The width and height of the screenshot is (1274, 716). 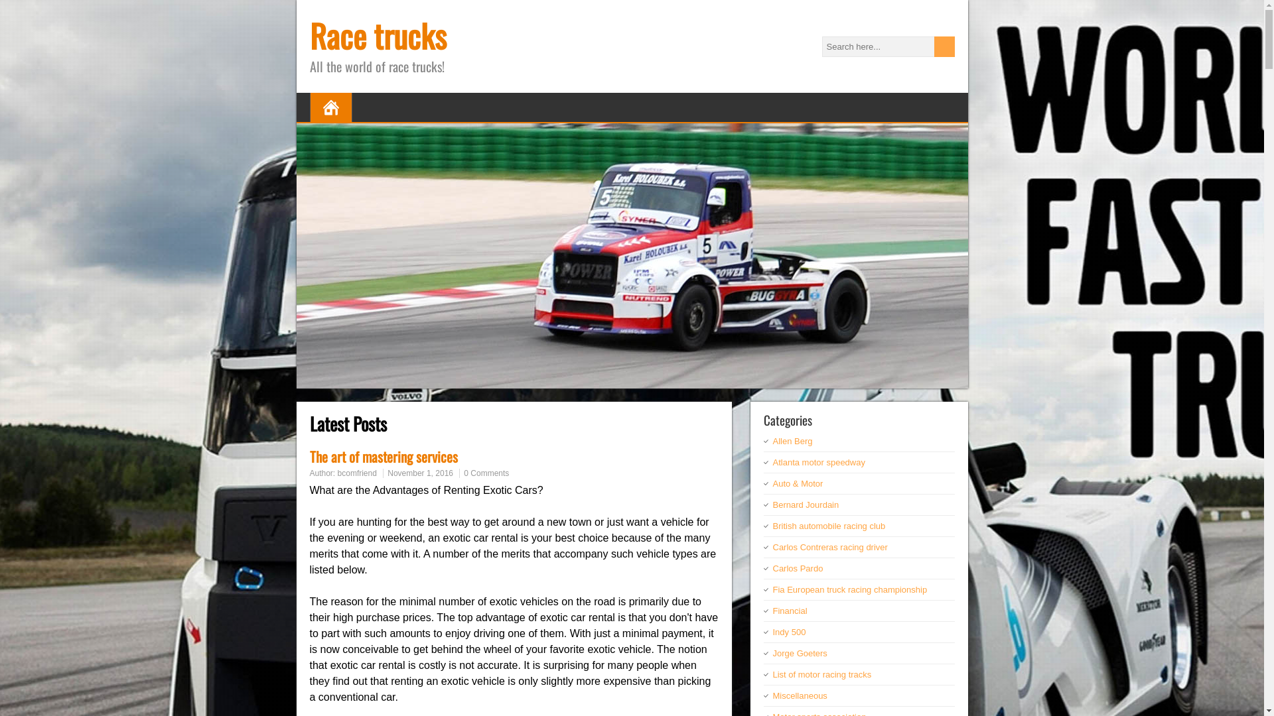 What do you see at coordinates (789, 631) in the screenshot?
I see `'Indy 500'` at bounding box center [789, 631].